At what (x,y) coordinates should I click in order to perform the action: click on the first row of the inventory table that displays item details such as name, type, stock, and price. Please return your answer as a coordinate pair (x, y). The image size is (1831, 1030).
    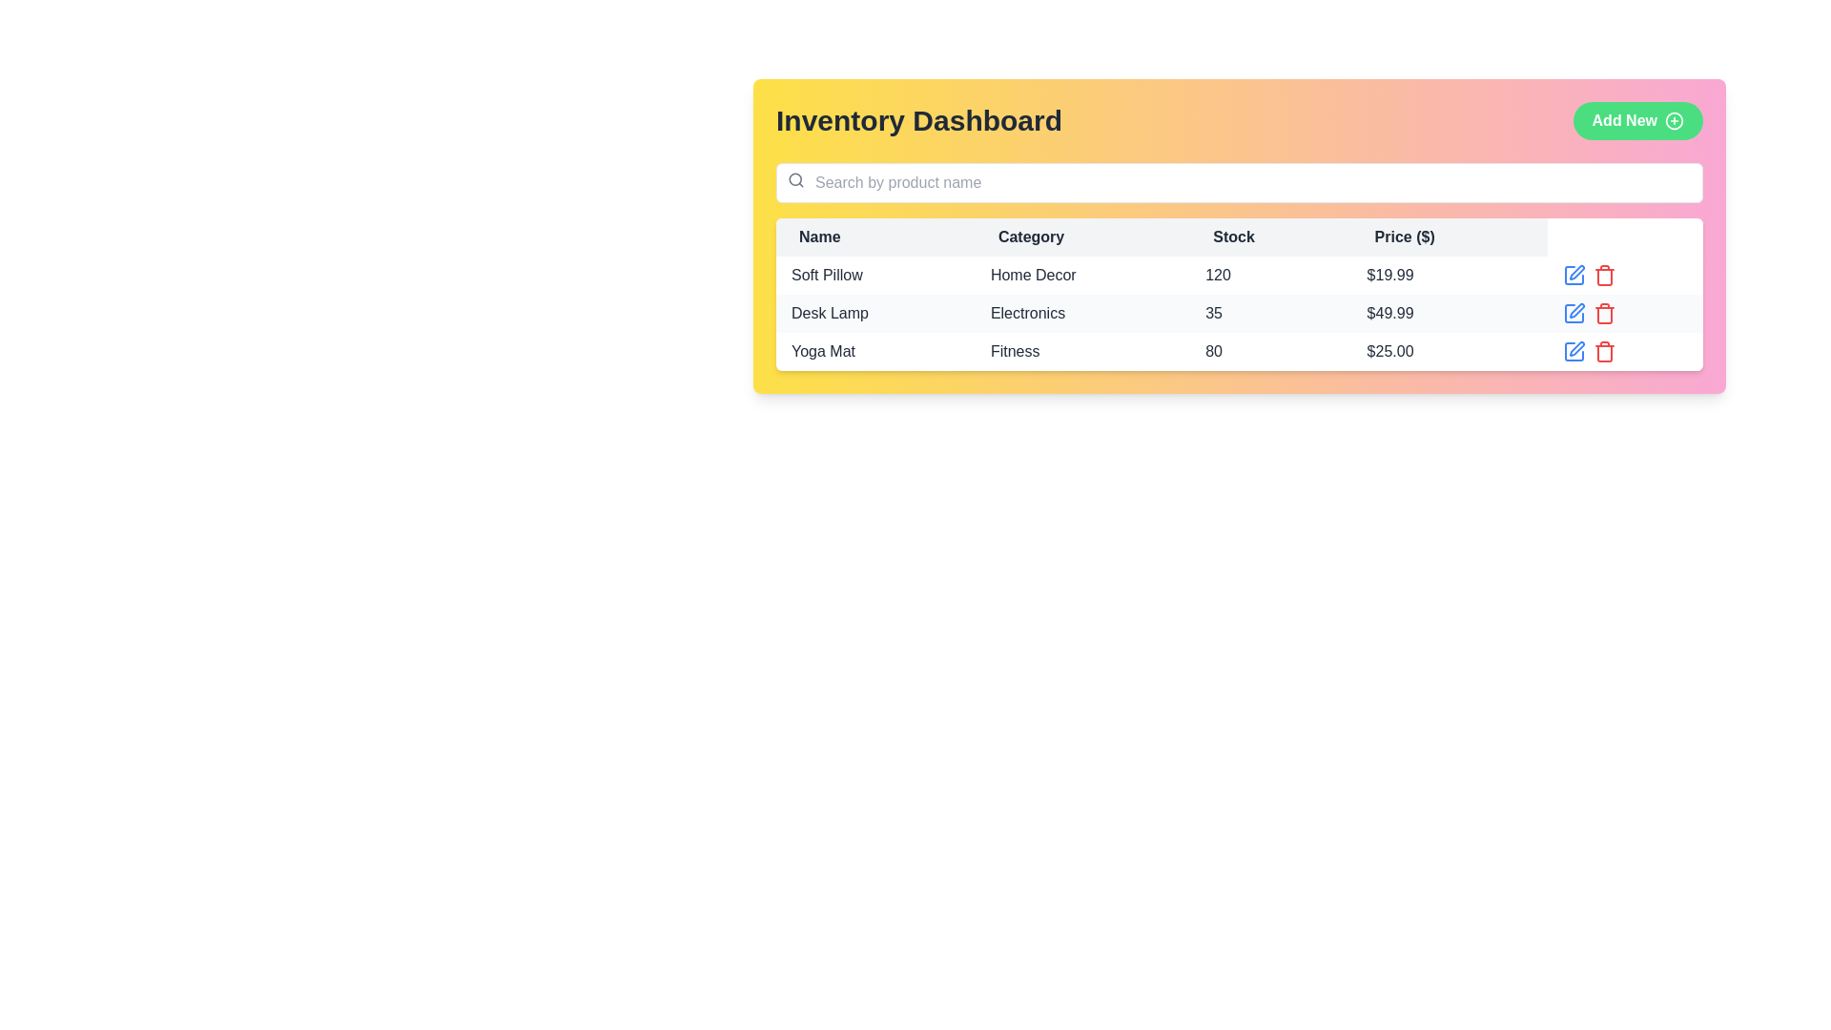
    Looking at the image, I should click on (1240, 276).